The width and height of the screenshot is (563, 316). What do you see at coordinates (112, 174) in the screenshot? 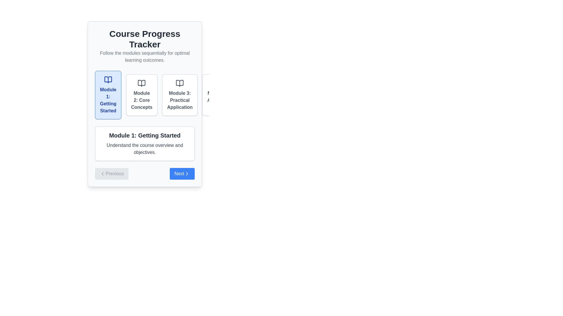
I see `the 'Previous' button with a gray background that contains a left-pointing chevron icon and the text 'Previous' to trigger visual feedback` at bounding box center [112, 174].